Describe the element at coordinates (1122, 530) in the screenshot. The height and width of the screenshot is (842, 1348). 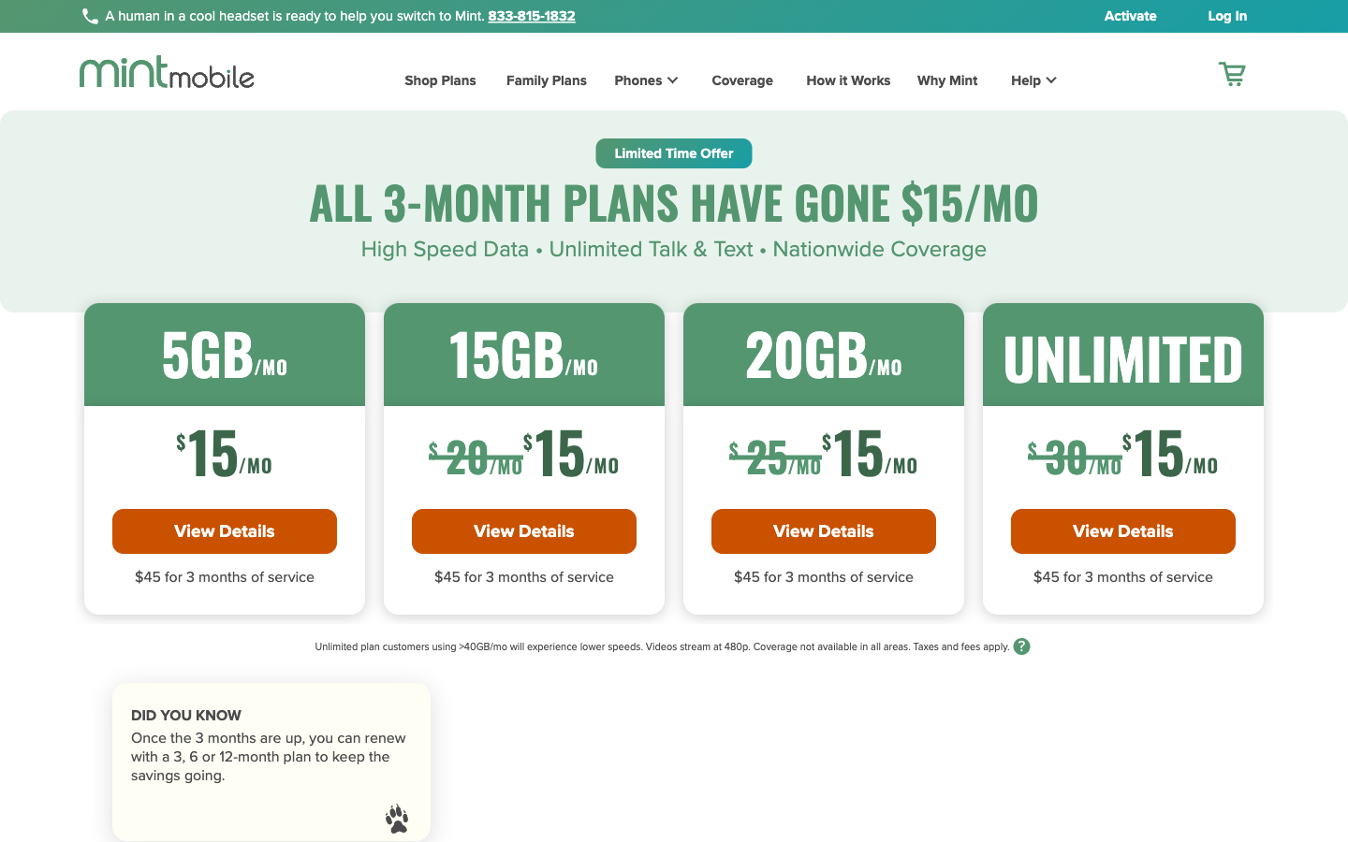
I see `View Details of Unlimited Plan` at that location.